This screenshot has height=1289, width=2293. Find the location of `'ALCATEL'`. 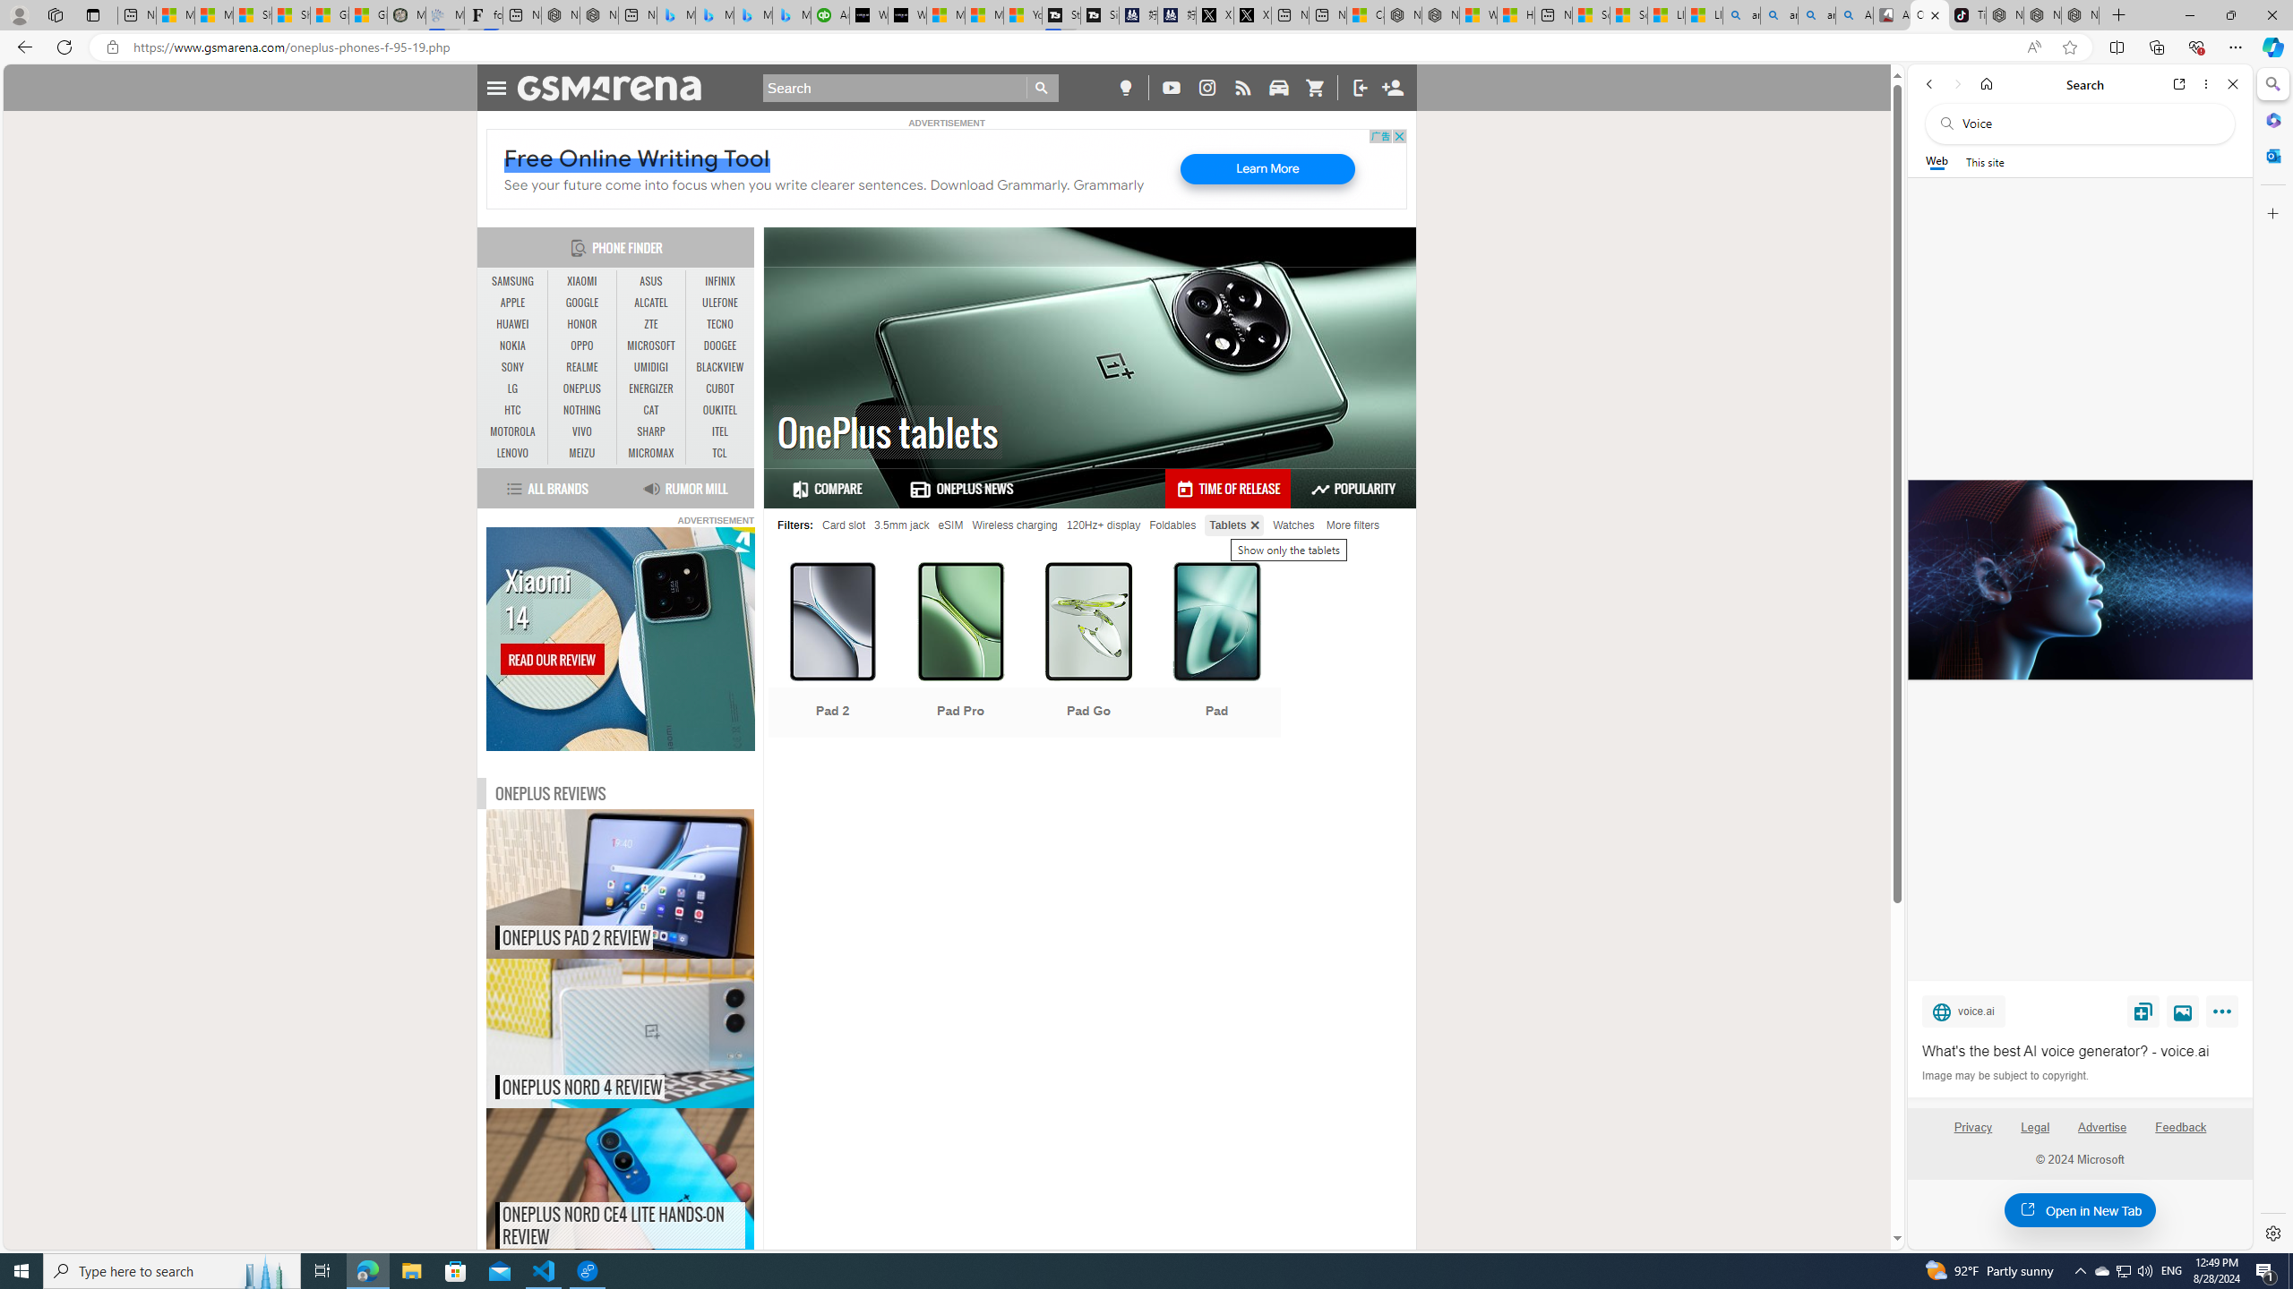

'ALCATEL' is located at coordinates (650, 302).